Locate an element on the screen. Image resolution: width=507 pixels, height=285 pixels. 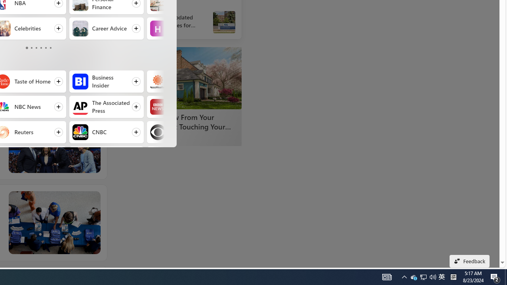
'CNBC' is located at coordinates (80, 132).